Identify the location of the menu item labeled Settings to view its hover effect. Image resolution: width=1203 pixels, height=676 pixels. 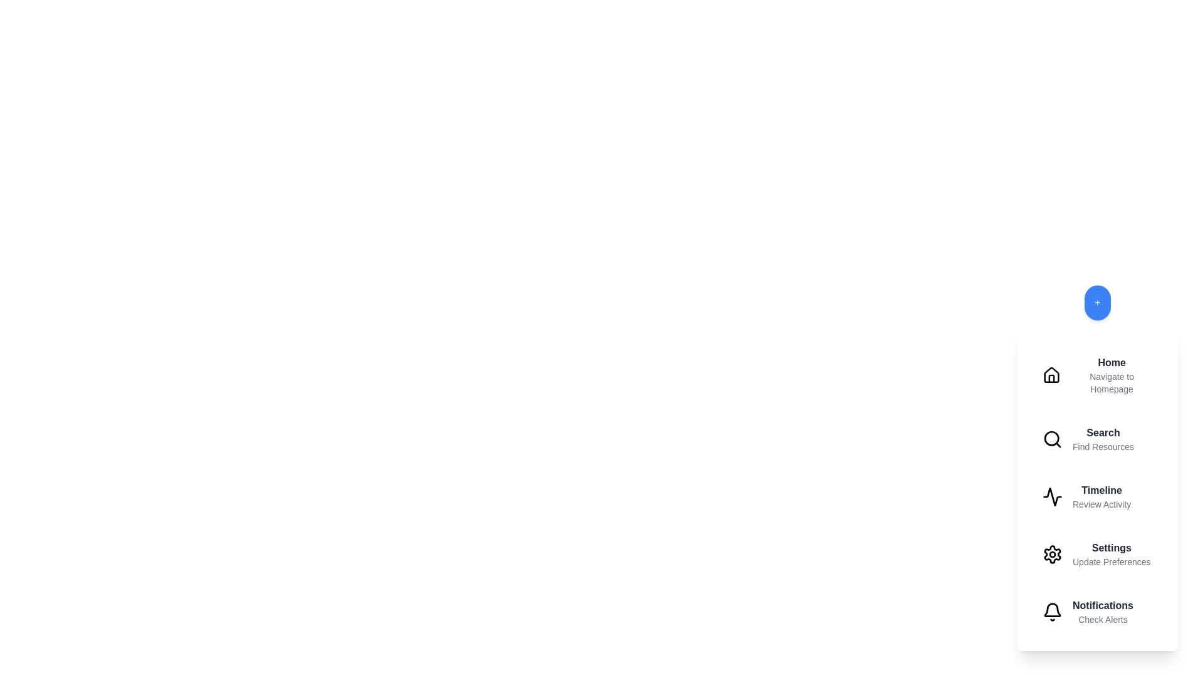
(1097, 554).